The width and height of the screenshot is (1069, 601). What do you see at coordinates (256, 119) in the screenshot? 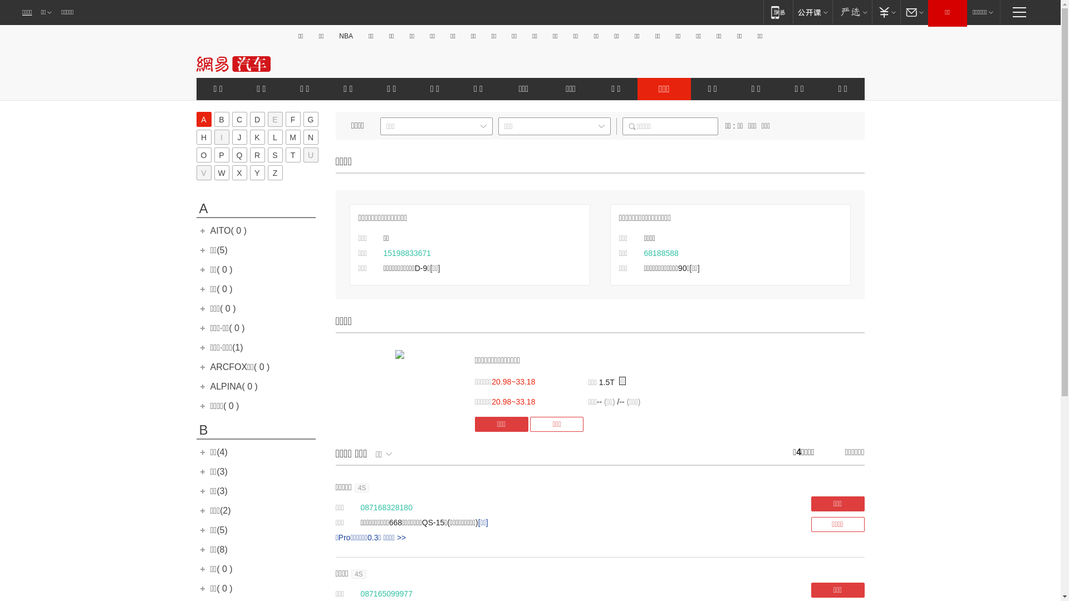
I see `'D'` at bounding box center [256, 119].